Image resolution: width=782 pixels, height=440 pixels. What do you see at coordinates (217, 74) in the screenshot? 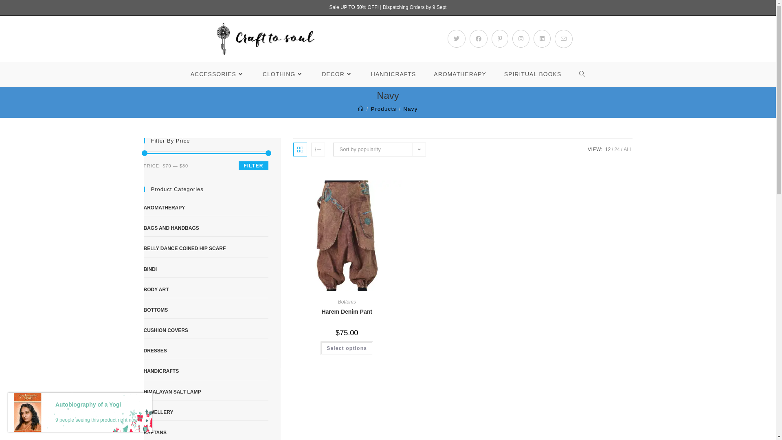
I see `'ACCESSORIES'` at bounding box center [217, 74].